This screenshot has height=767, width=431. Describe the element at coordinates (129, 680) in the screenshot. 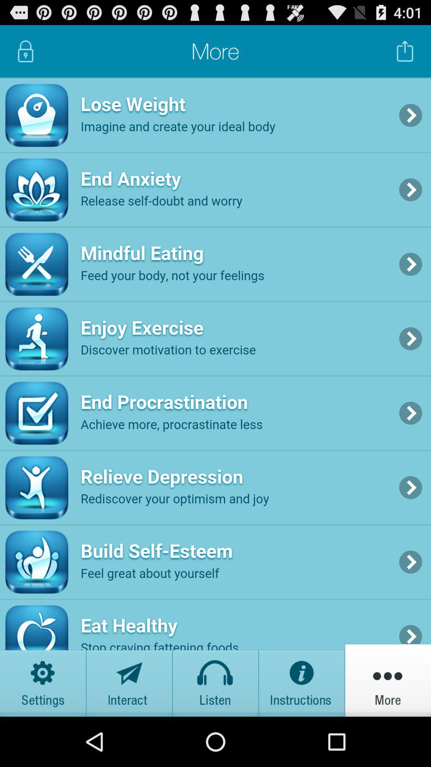

I see `send message` at that location.